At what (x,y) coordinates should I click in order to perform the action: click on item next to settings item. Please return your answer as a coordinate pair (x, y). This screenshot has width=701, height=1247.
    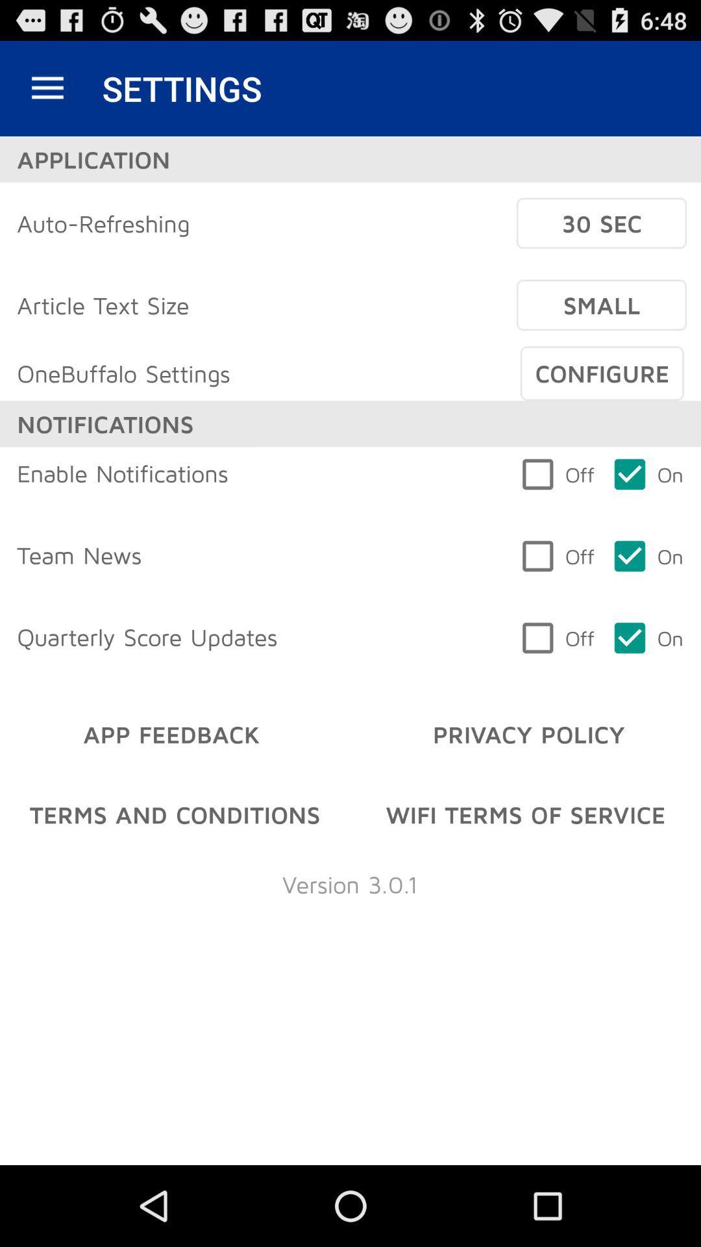
    Looking at the image, I should click on (47, 88).